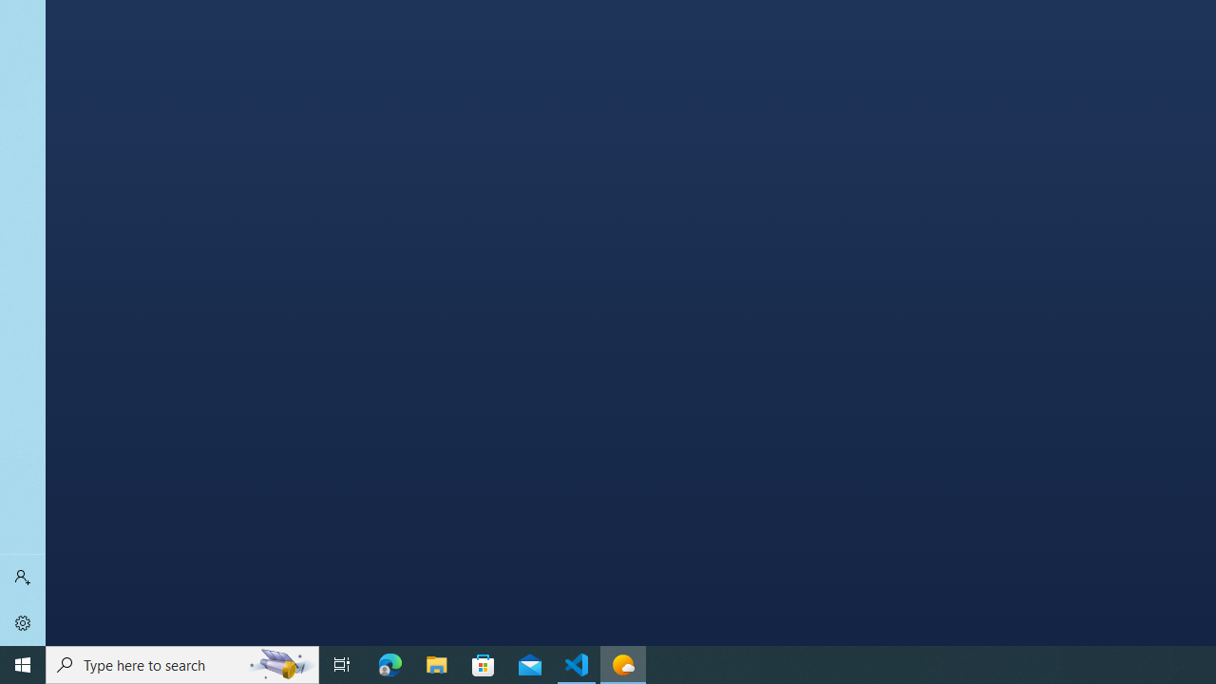 This screenshot has height=684, width=1216. Describe the element at coordinates (23, 622) in the screenshot. I see `'Settings'` at that location.